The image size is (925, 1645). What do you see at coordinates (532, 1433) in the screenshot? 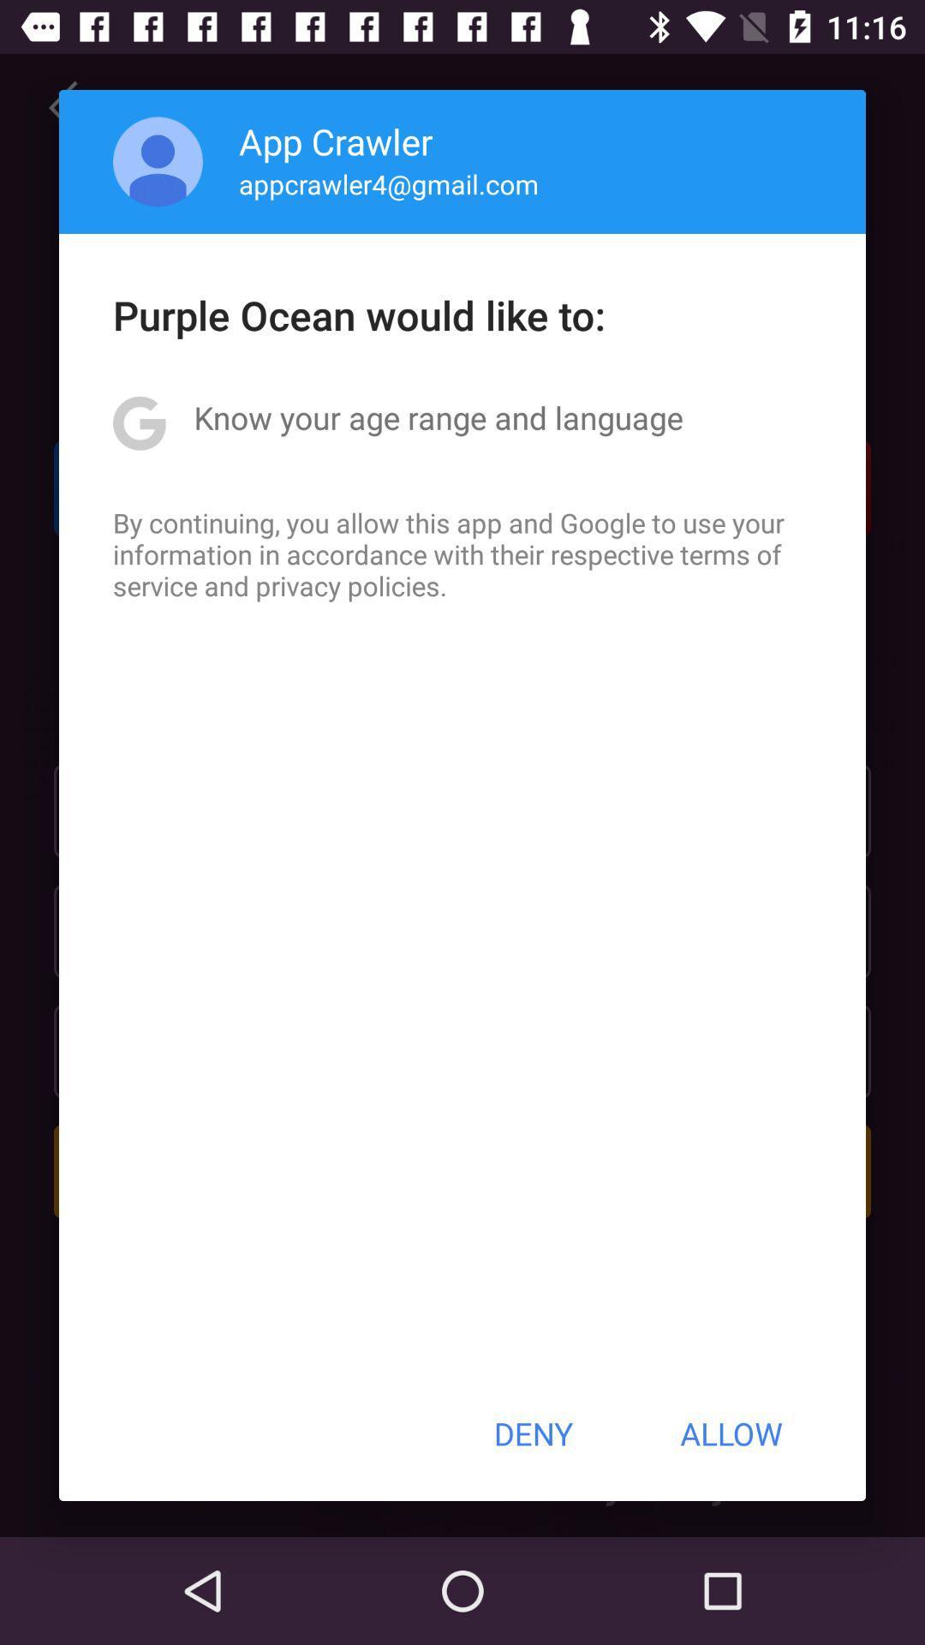
I see `icon next to allow item` at bounding box center [532, 1433].